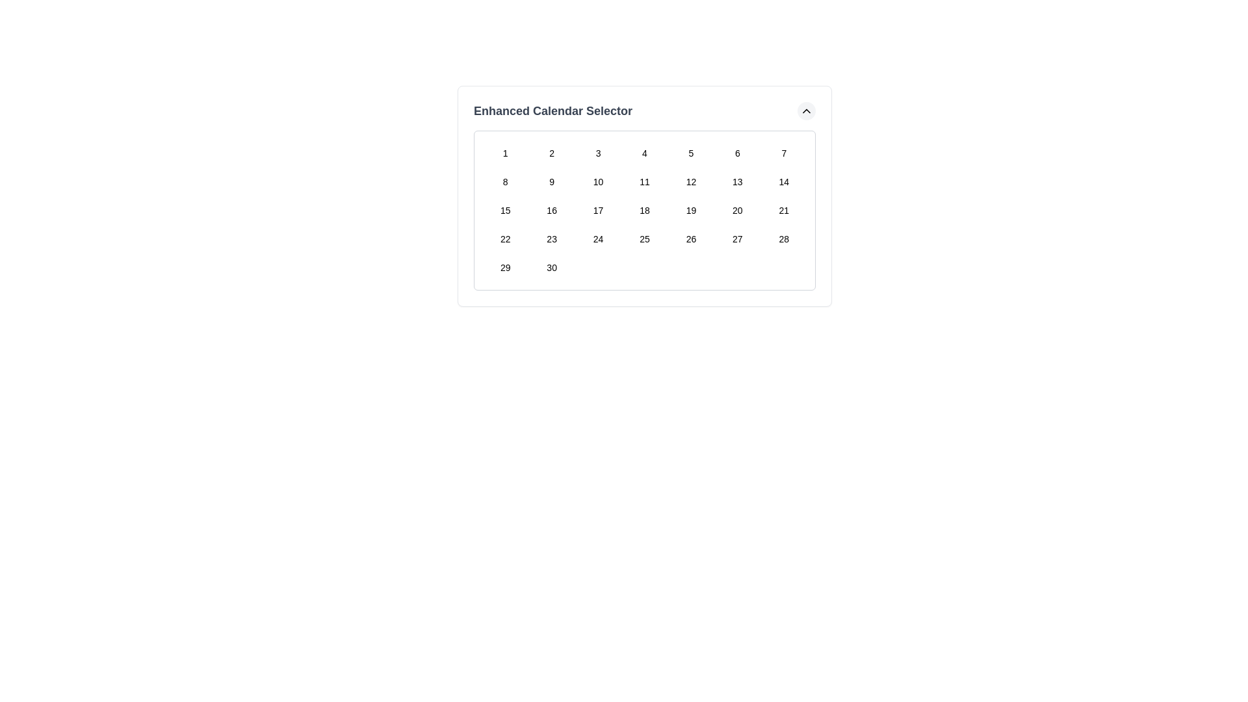  I want to click on the button labeled '11' in the Enhanced Calendar Selector, so click(645, 182).